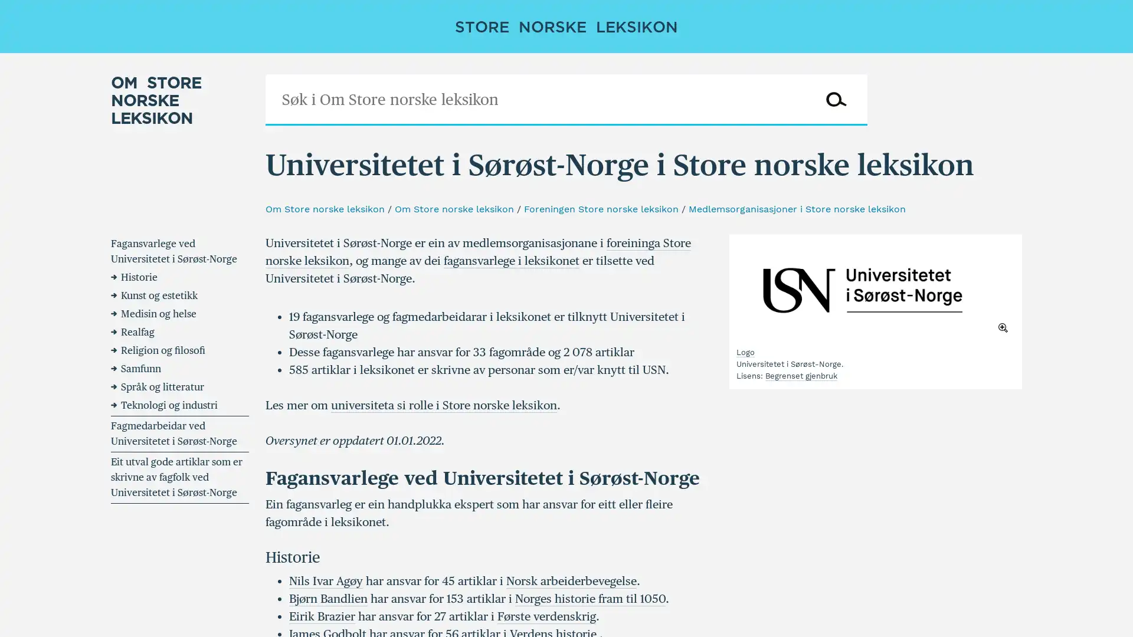 This screenshot has width=1133, height=637. What do you see at coordinates (835, 99) in the screenshot?
I see `Sk` at bounding box center [835, 99].